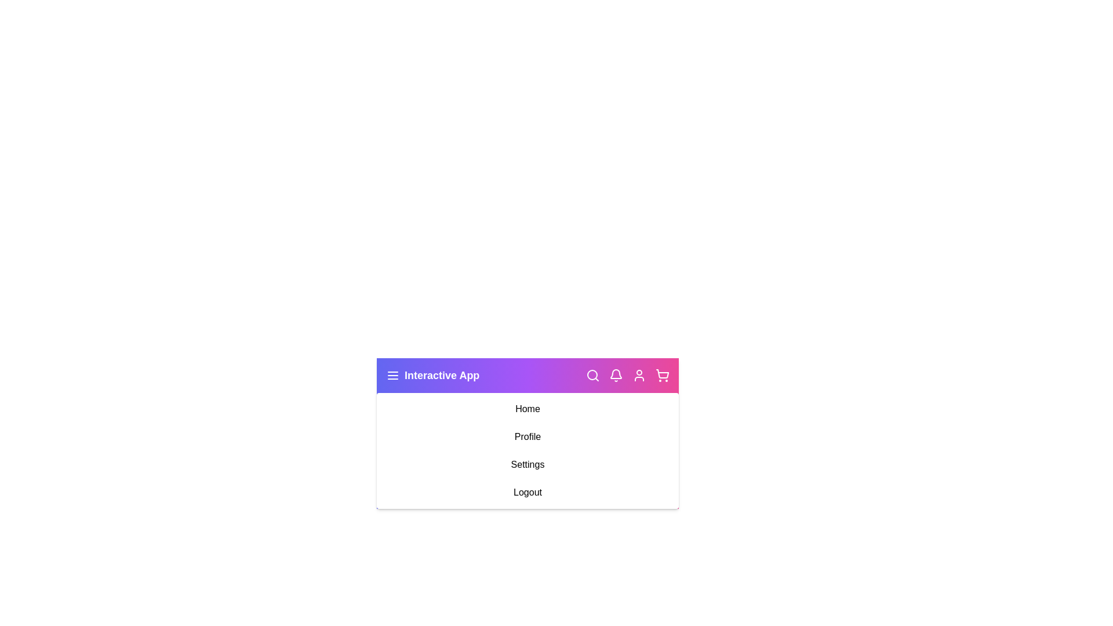 The width and height of the screenshot is (1113, 626). I want to click on the logout_menu to observe hover effects, so click(527, 492).